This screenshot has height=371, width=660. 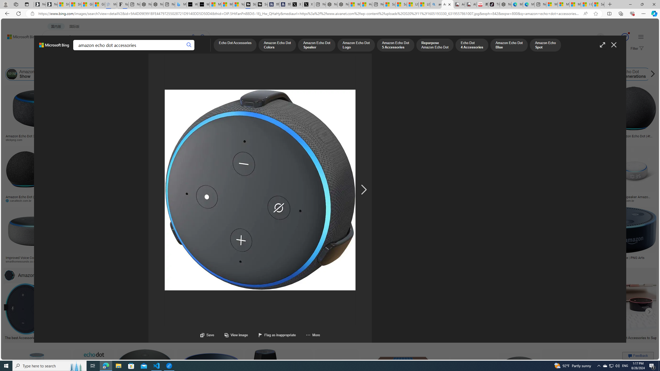 I want to click on 'smarthomesounds.co.uk', so click(x=23, y=261).